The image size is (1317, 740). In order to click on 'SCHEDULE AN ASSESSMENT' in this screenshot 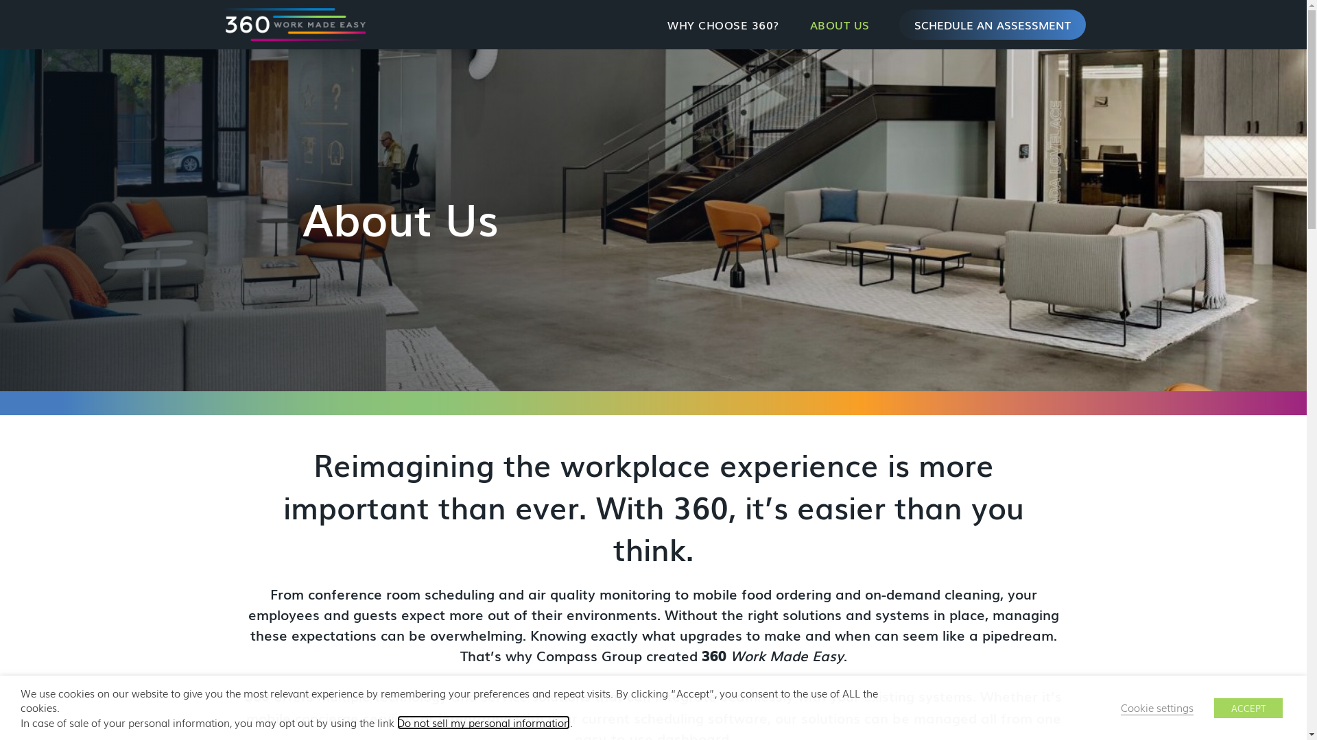, I will do `click(992, 24)`.